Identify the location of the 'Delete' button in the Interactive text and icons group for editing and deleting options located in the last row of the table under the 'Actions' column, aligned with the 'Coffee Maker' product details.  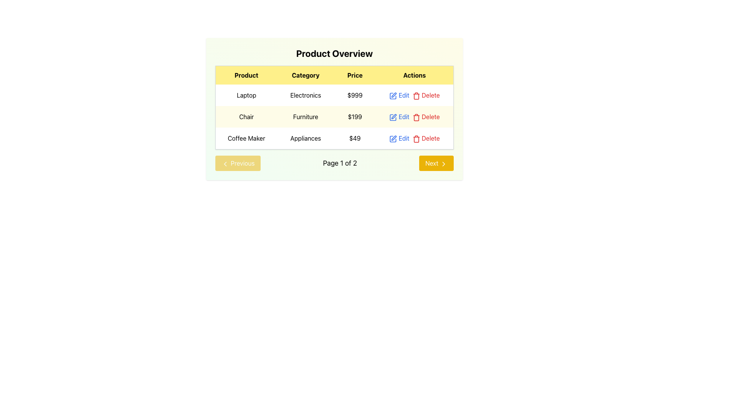
(414, 138).